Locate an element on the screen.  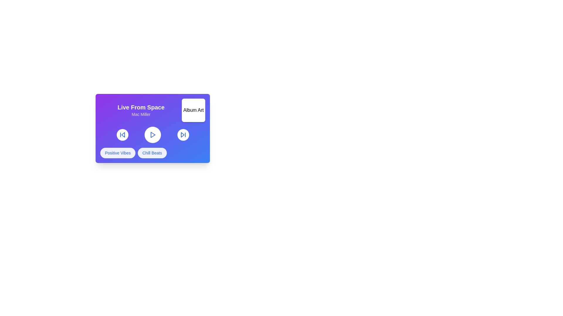
text content of the Text Block displaying 'Live From Space' and 'Mac Miller', which is located above the 'Album Art' element is located at coordinates (141, 110).